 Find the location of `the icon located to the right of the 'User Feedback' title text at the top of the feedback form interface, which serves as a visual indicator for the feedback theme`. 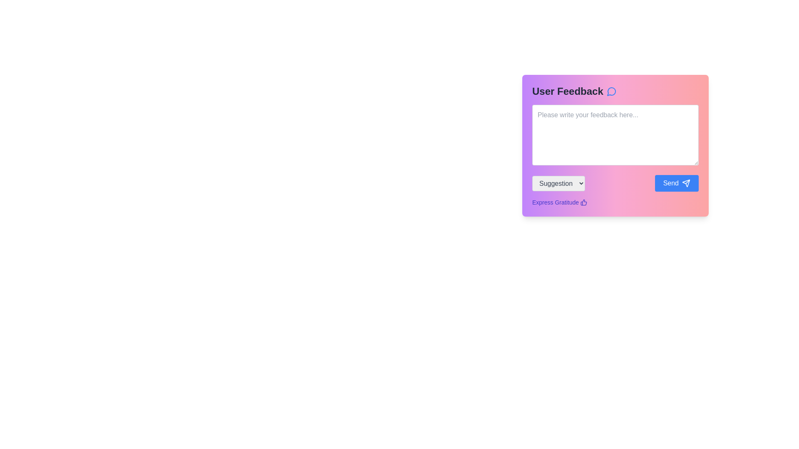

the icon located to the right of the 'User Feedback' title text at the top of the feedback form interface, which serves as a visual indicator for the feedback theme is located at coordinates (611, 91).